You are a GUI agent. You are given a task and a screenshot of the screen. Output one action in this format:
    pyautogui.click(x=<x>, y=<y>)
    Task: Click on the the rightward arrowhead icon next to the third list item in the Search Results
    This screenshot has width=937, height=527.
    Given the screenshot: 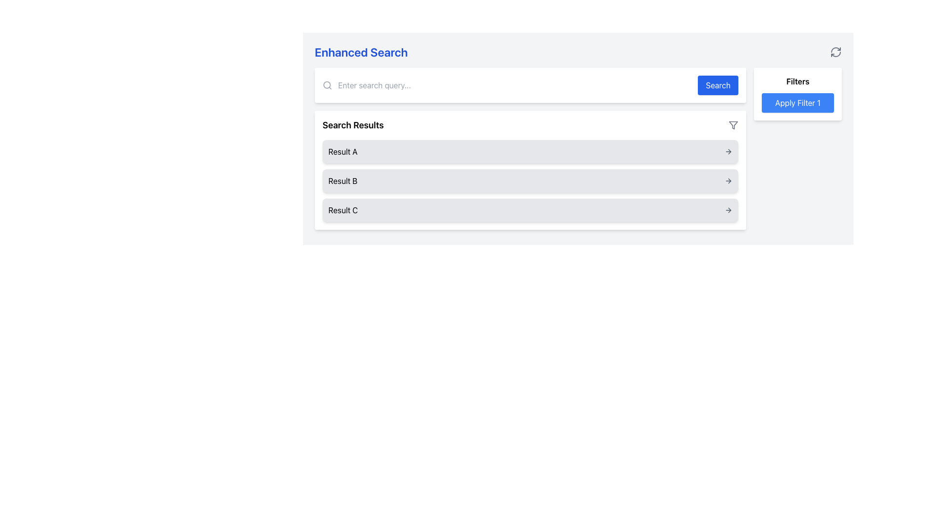 What is the action you would take?
    pyautogui.click(x=729, y=210)
    